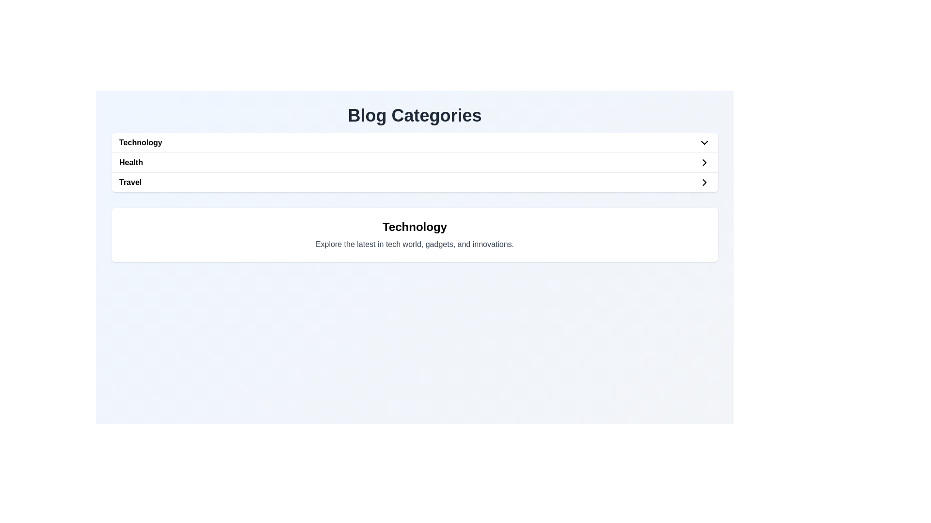  What do you see at coordinates (705, 183) in the screenshot?
I see `the Chevron icon located at the far right of the 'Travel' section` at bounding box center [705, 183].